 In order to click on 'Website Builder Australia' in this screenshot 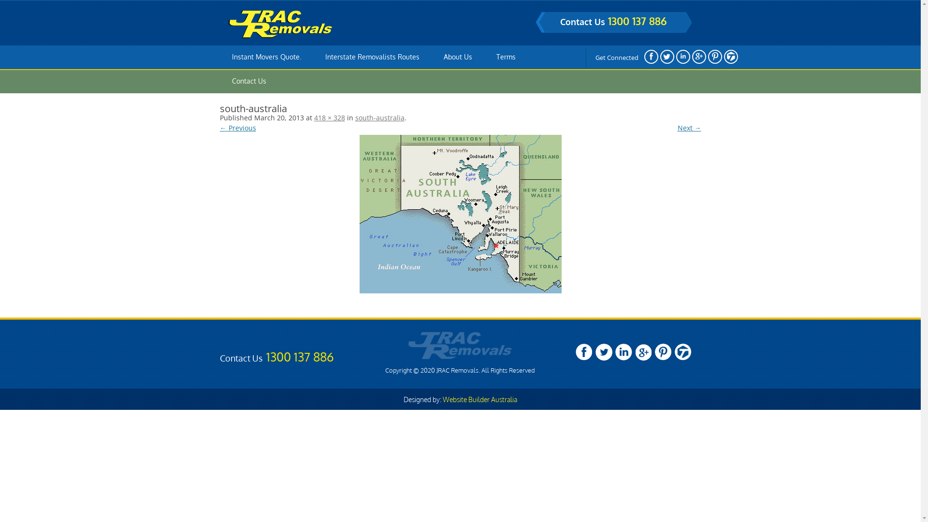, I will do `click(480, 399)`.